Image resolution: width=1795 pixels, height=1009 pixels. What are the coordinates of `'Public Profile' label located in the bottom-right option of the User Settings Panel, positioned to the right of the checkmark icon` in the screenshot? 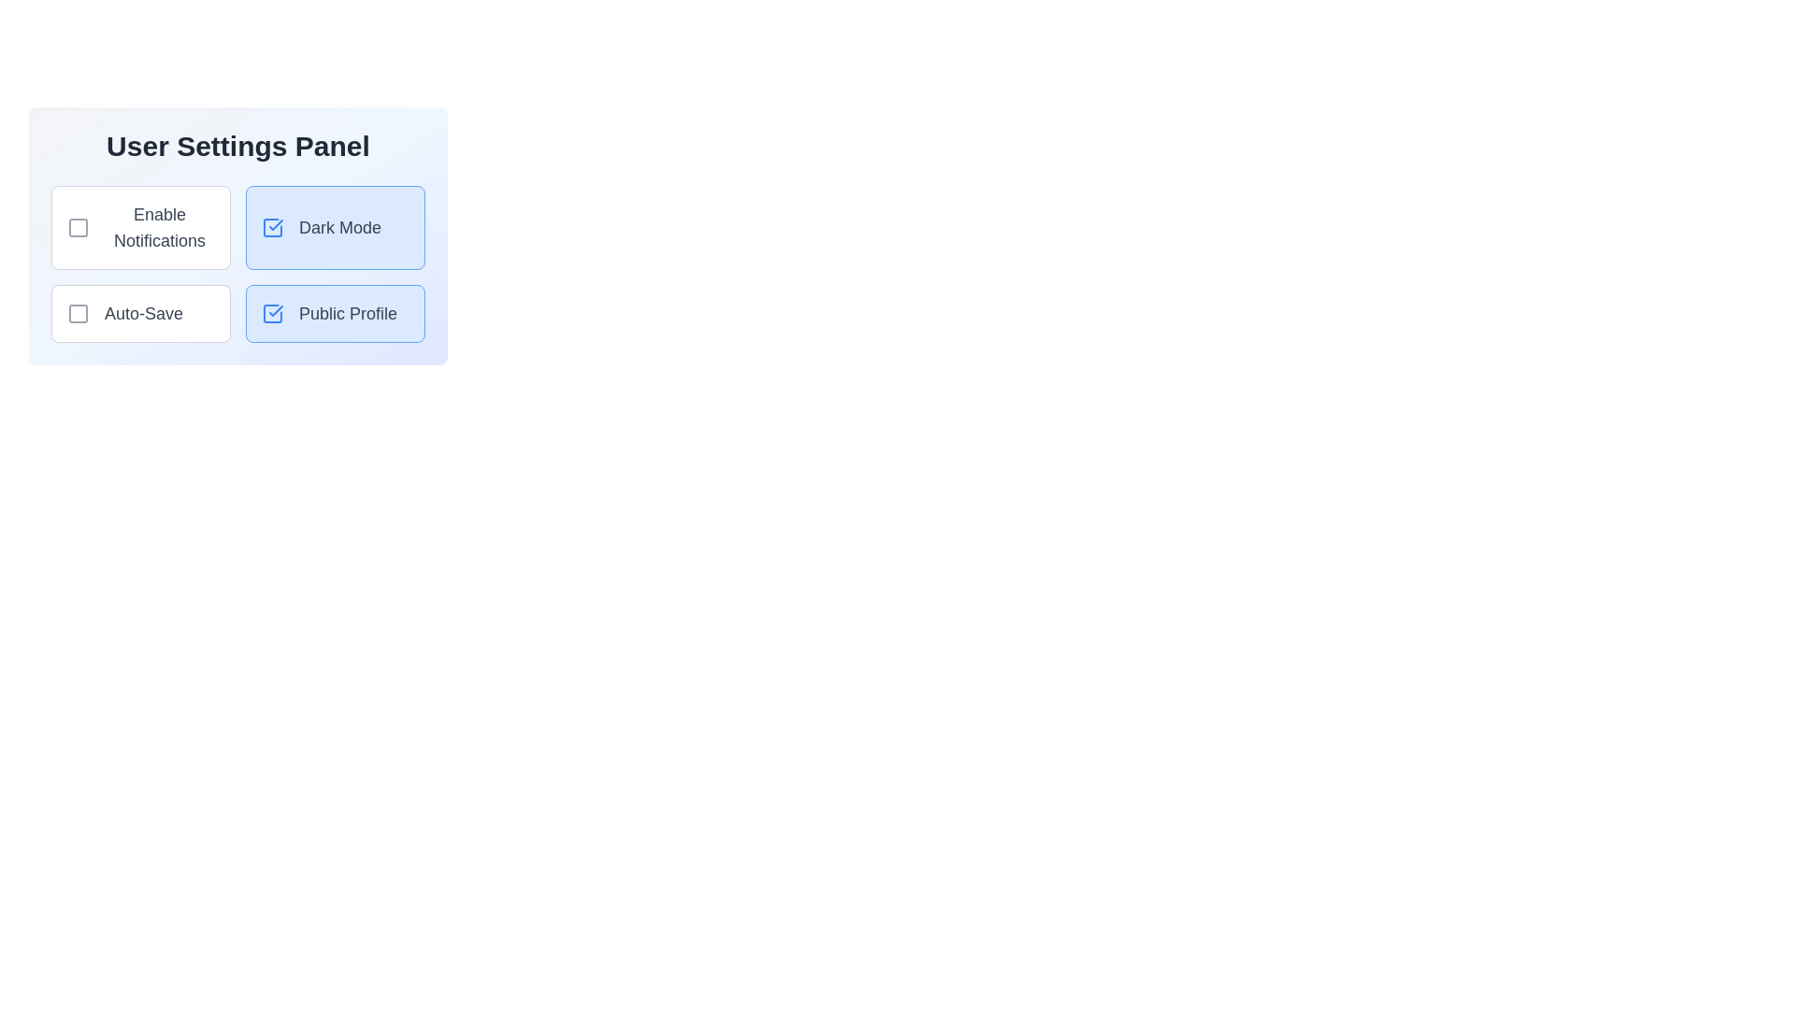 It's located at (348, 312).